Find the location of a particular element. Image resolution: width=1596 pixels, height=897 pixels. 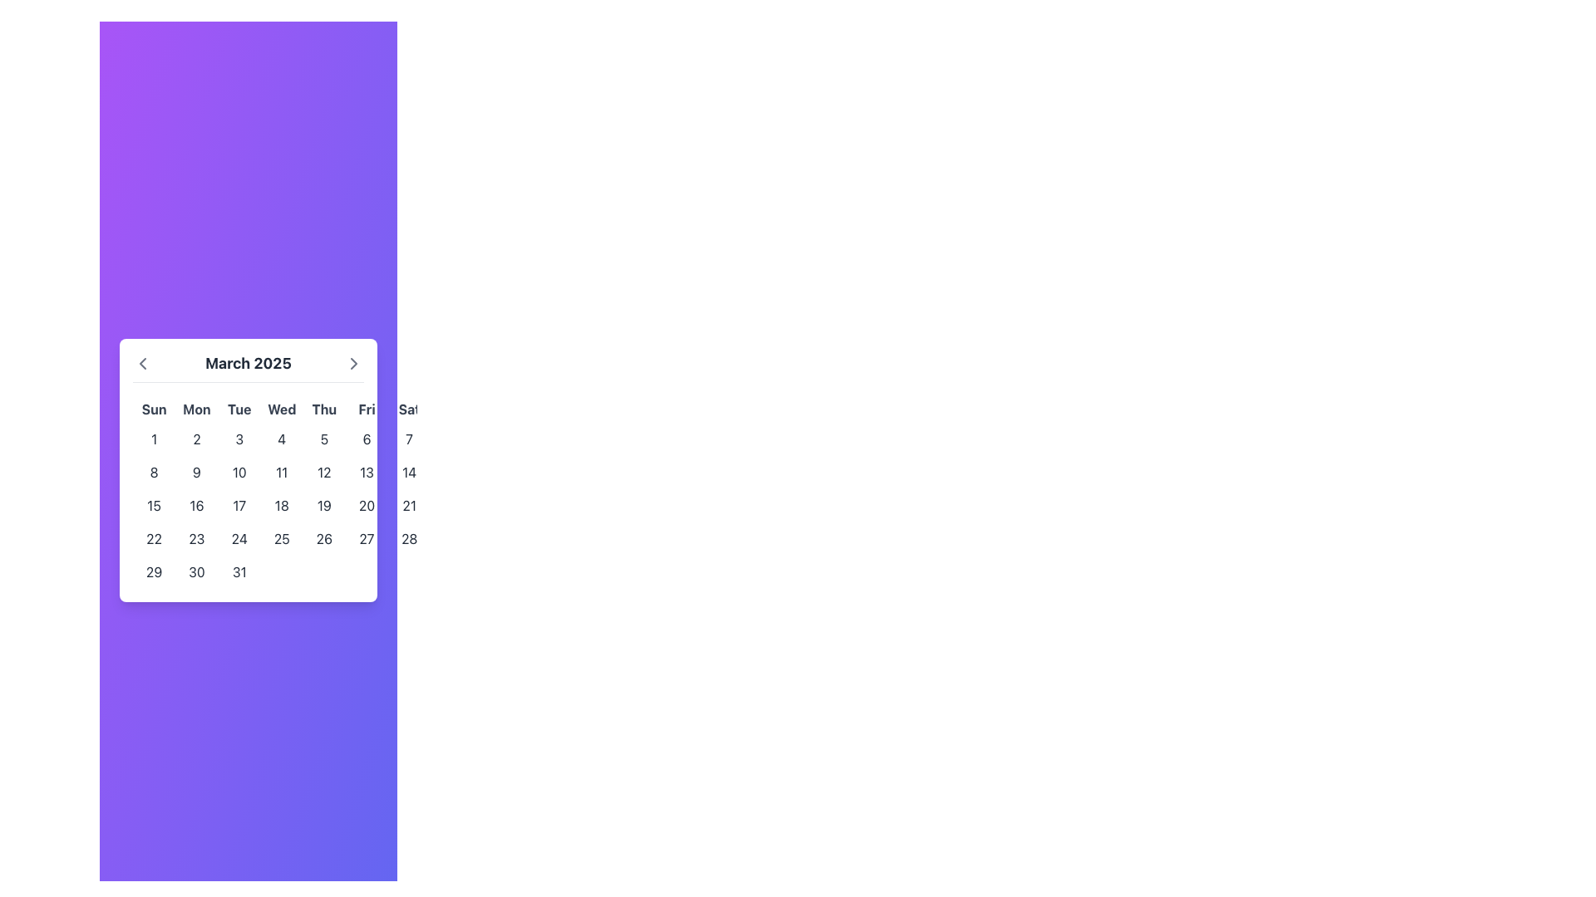

the A placeholder grid item located in the last row of the calendar grid, specifically the sixth element, which is the last of three empty blocks following the date '31' is located at coordinates (366, 571).